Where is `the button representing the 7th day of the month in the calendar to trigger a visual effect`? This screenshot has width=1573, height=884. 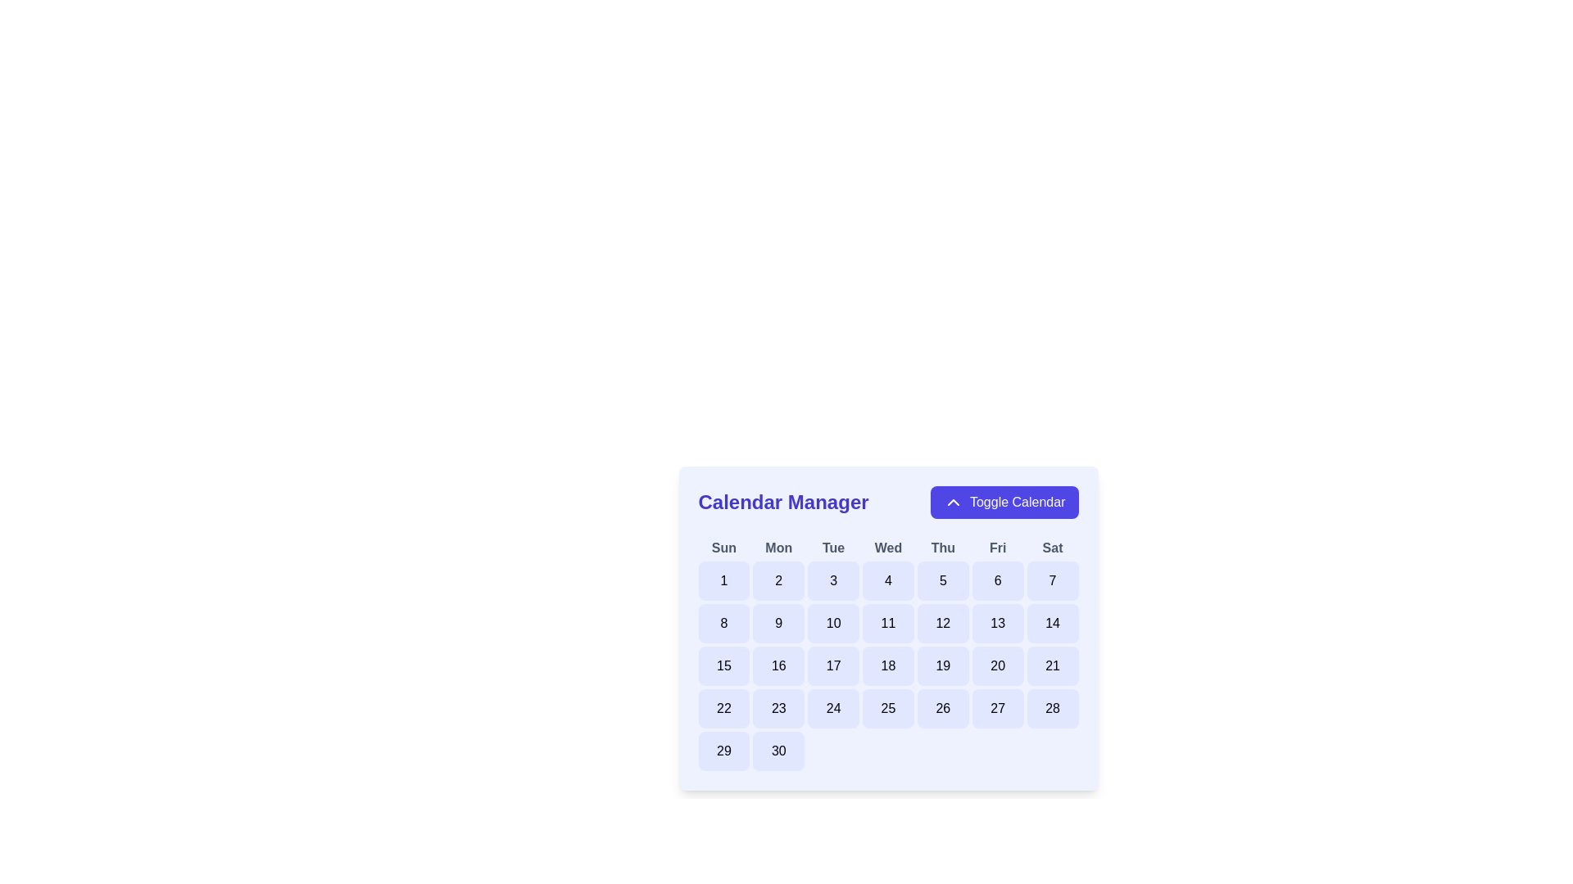 the button representing the 7th day of the month in the calendar to trigger a visual effect is located at coordinates (1053, 580).